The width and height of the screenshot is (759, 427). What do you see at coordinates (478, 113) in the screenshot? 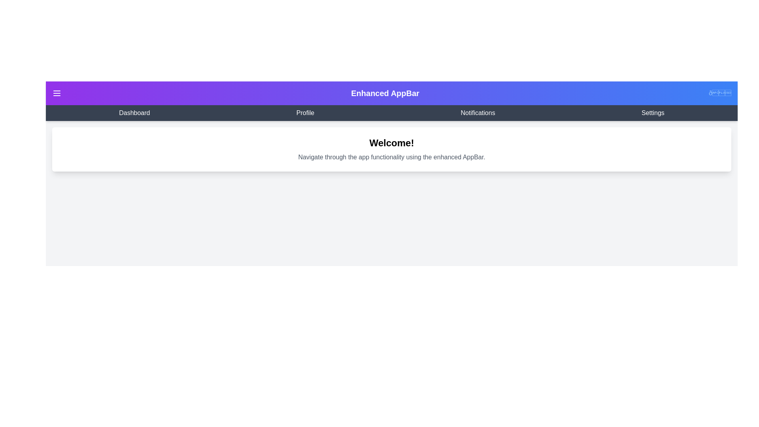
I see `the navigation link Notifications` at bounding box center [478, 113].